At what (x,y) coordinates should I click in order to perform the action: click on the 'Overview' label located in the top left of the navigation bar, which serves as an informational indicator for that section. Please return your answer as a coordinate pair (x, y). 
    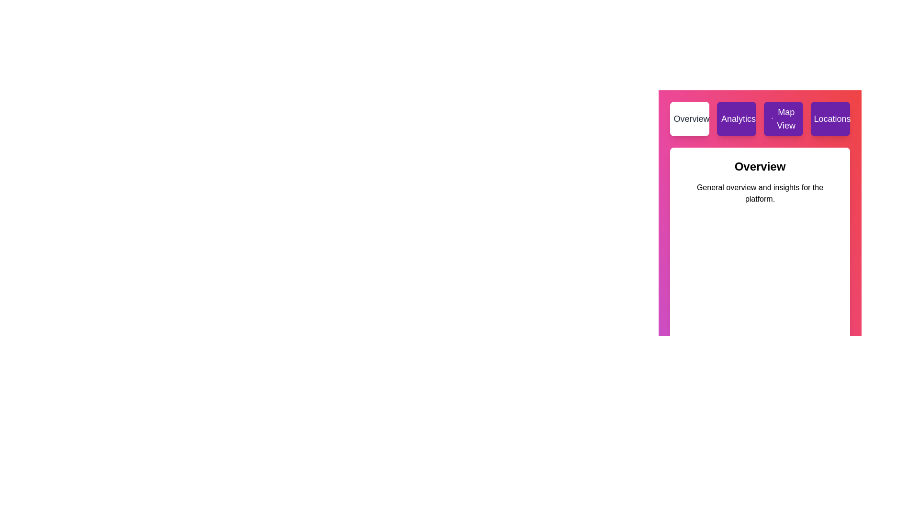
    Looking at the image, I should click on (691, 118).